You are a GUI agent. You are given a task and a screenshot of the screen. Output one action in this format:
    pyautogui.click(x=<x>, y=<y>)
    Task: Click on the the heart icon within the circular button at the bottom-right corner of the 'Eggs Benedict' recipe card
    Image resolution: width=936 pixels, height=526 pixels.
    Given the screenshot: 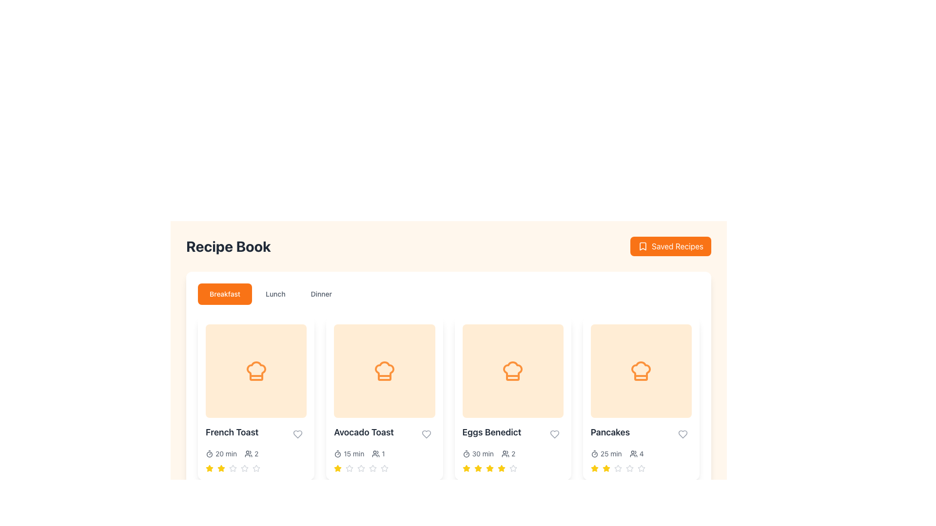 What is the action you would take?
    pyautogui.click(x=554, y=433)
    